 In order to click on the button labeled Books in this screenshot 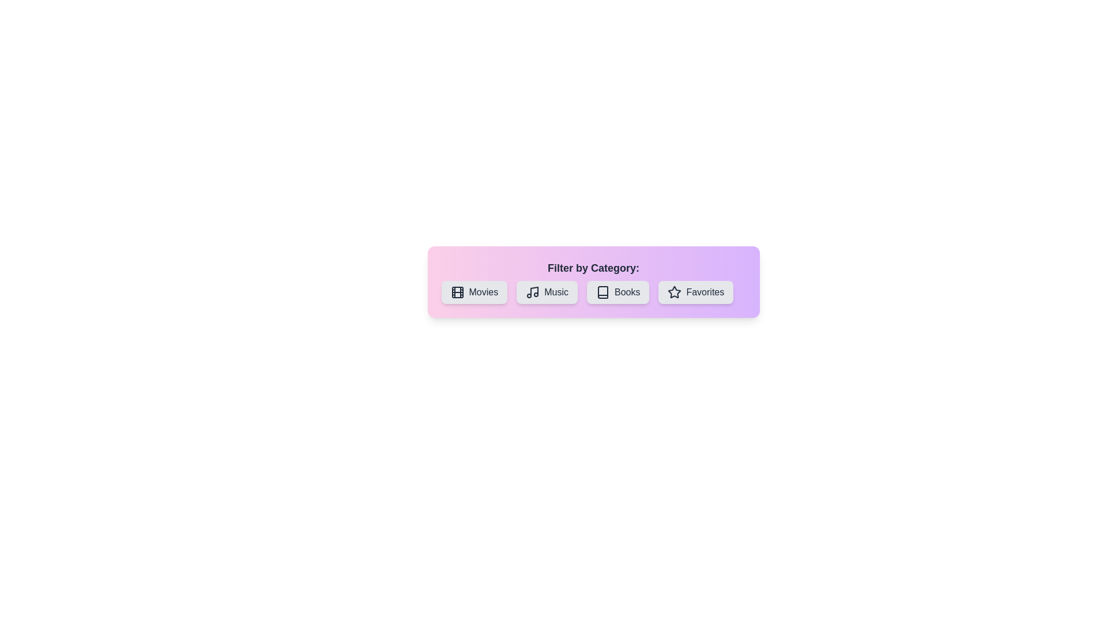, I will do `click(617, 291)`.